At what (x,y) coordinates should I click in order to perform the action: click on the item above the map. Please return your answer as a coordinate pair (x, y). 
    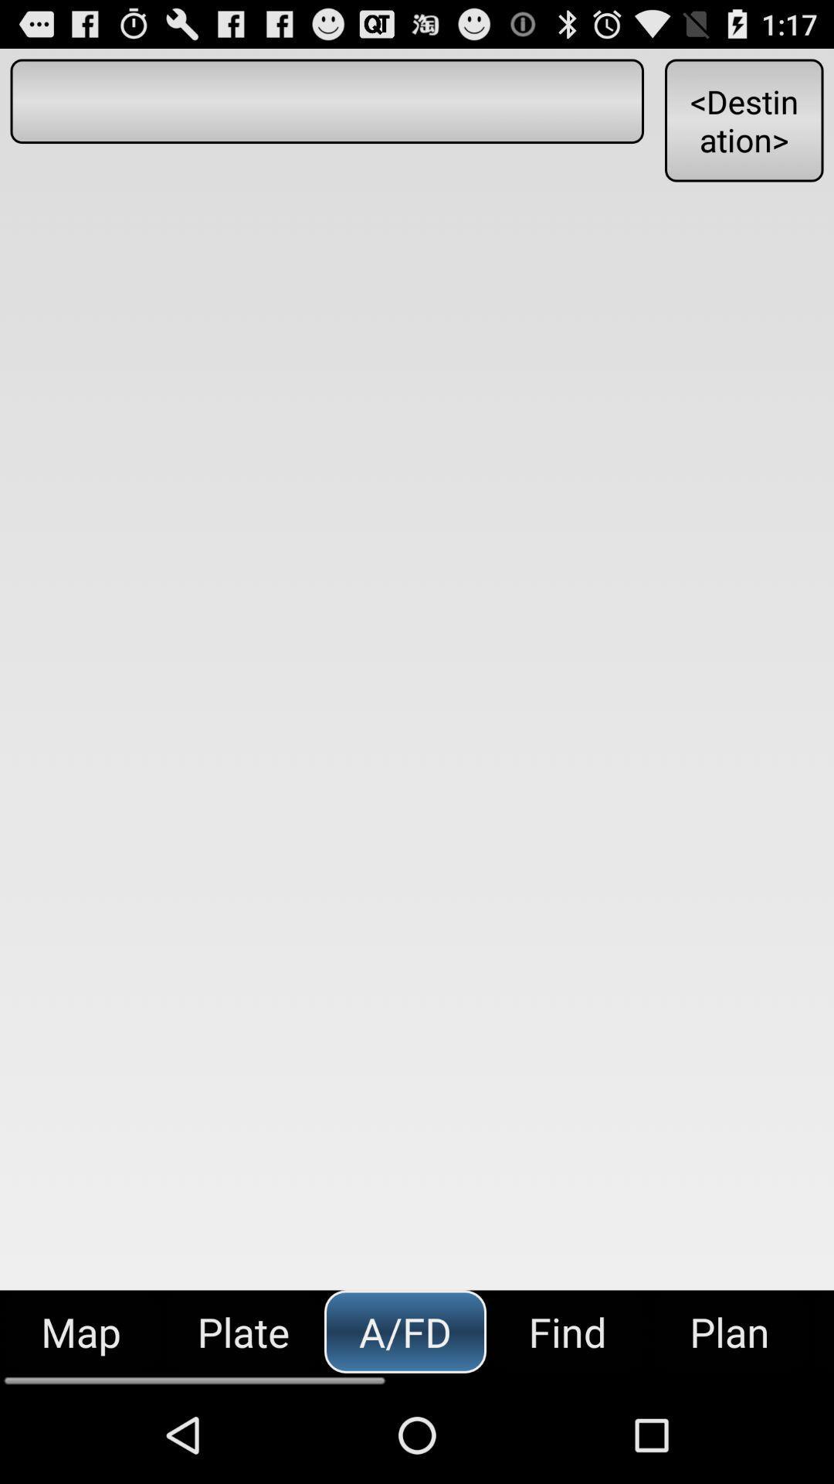
    Looking at the image, I should click on (326, 100).